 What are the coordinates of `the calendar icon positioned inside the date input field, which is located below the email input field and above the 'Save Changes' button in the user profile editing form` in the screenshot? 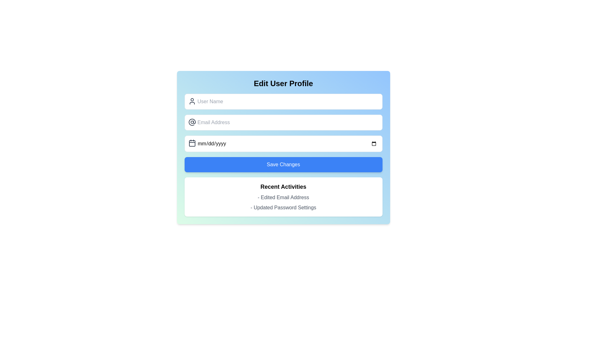 It's located at (192, 143).